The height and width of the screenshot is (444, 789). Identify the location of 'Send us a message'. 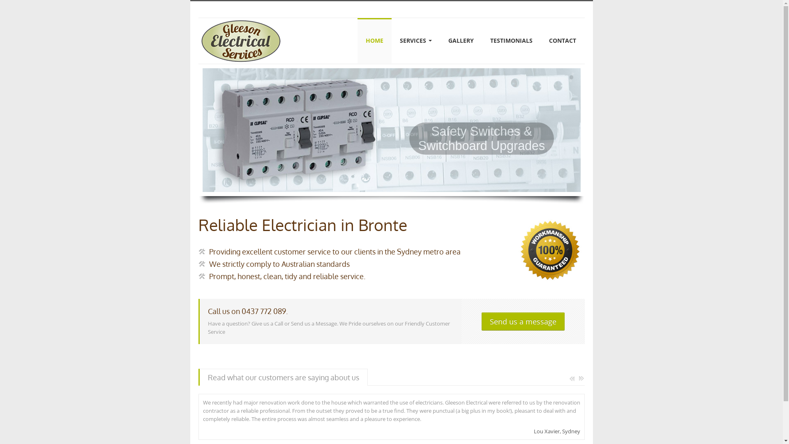
(481, 321).